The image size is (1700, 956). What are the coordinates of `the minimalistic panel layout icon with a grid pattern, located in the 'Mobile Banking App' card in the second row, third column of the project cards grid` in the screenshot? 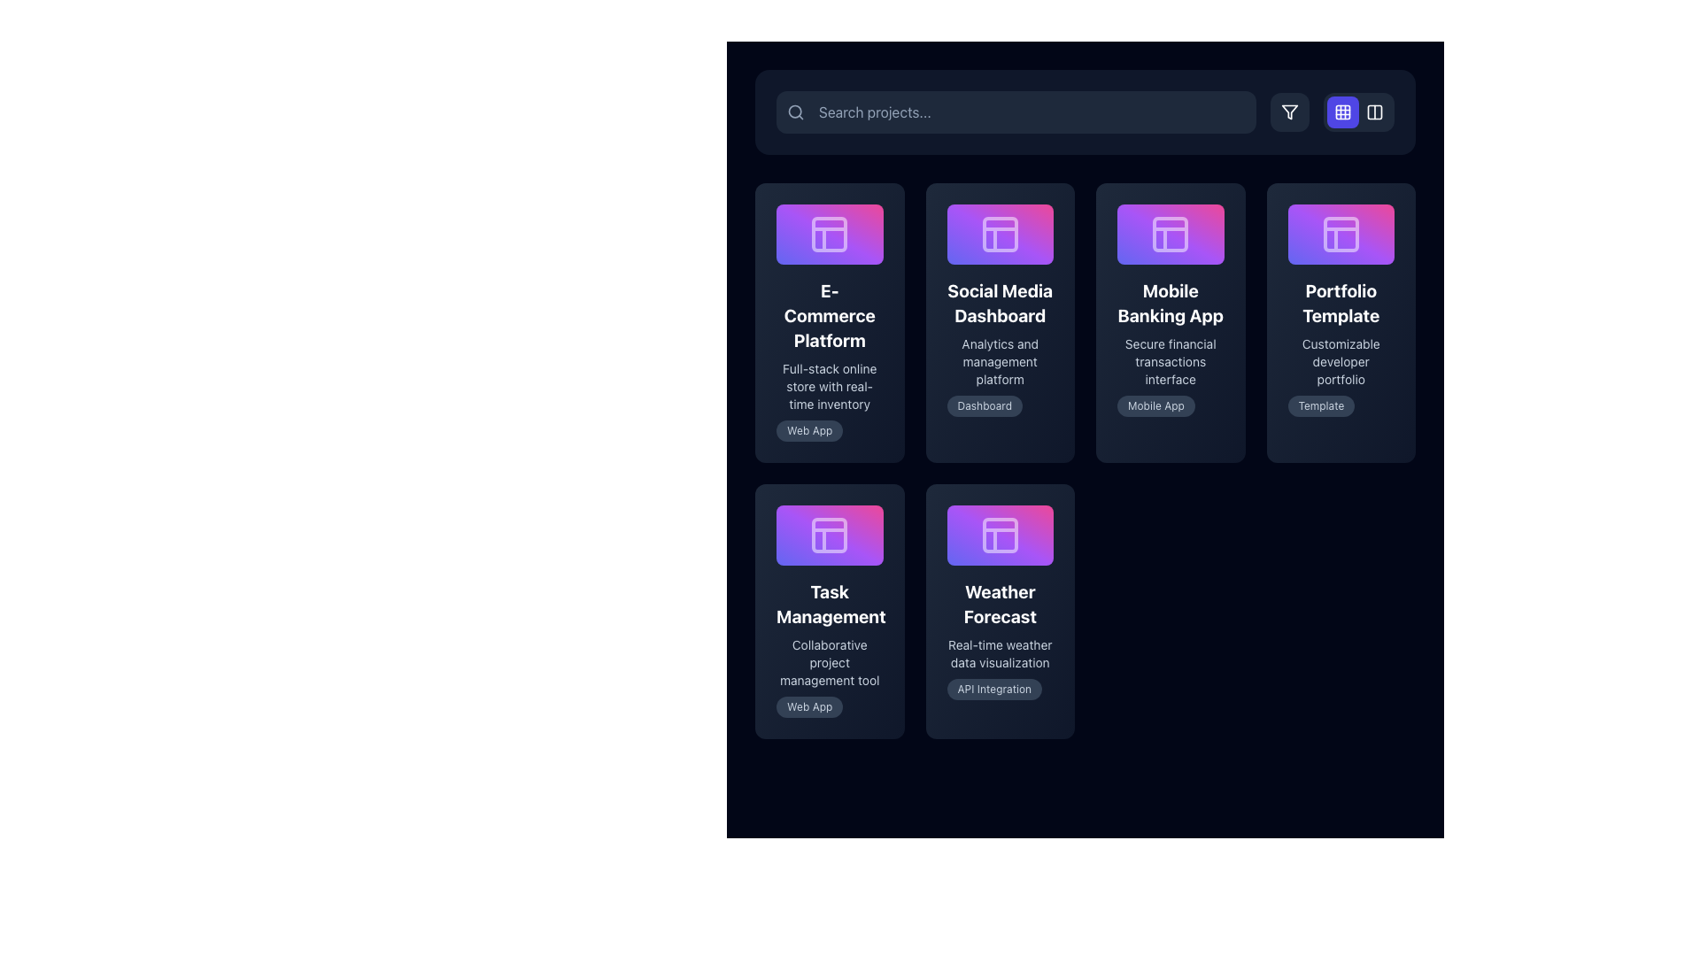 It's located at (1171, 233).